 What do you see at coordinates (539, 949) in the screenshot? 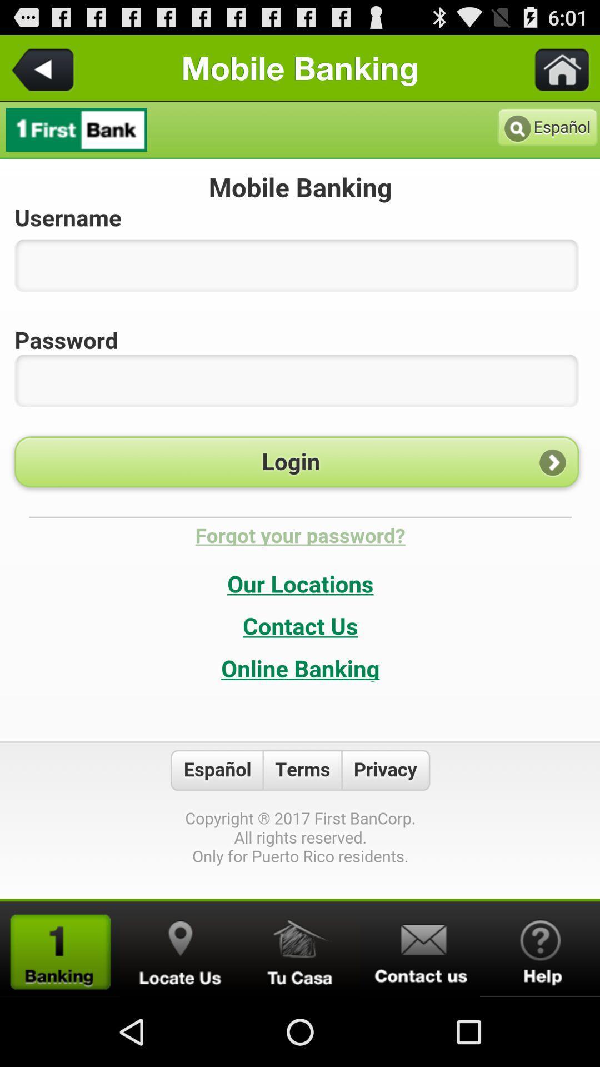
I see `help menu` at bounding box center [539, 949].